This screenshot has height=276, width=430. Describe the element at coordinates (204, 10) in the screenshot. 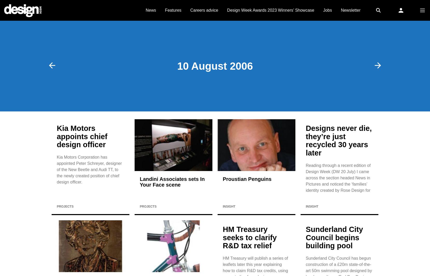

I see `'Careers advice'` at that location.